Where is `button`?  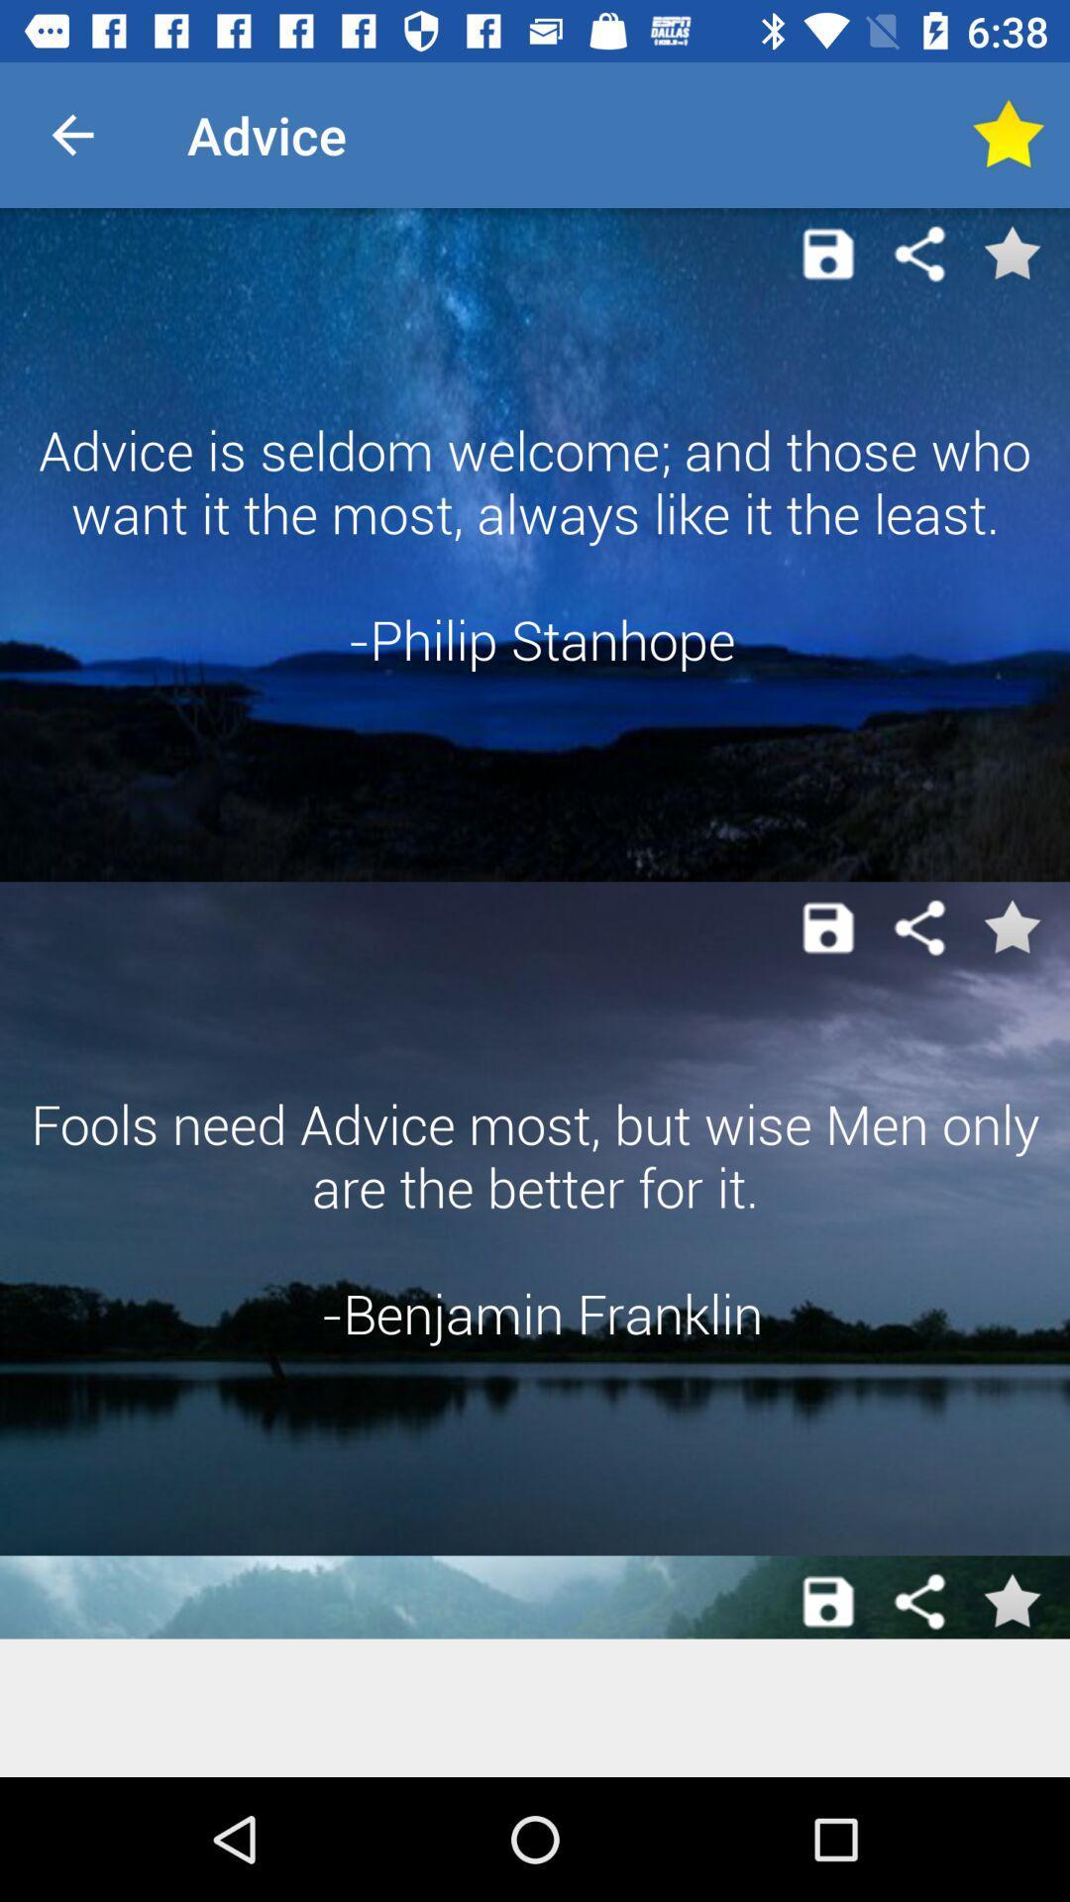
button is located at coordinates (828, 1602).